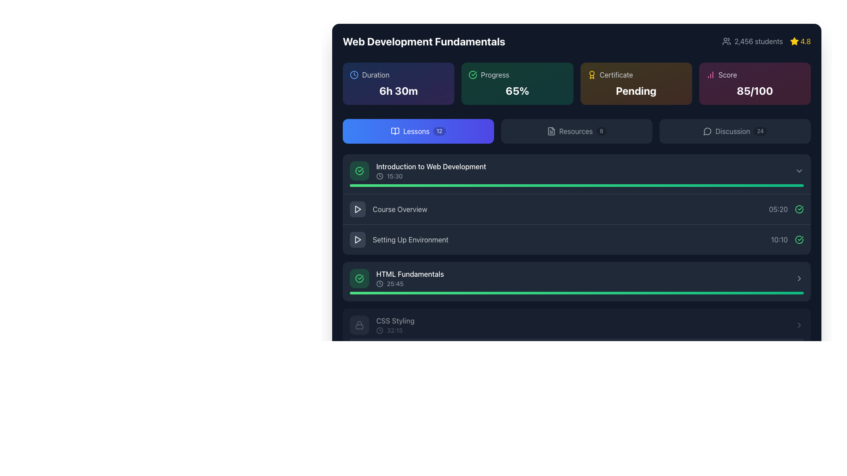  What do you see at coordinates (592, 73) in the screenshot?
I see `the decorative Circle element within the award icon, which is centrally positioned in the SVG representation` at bounding box center [592, 73].